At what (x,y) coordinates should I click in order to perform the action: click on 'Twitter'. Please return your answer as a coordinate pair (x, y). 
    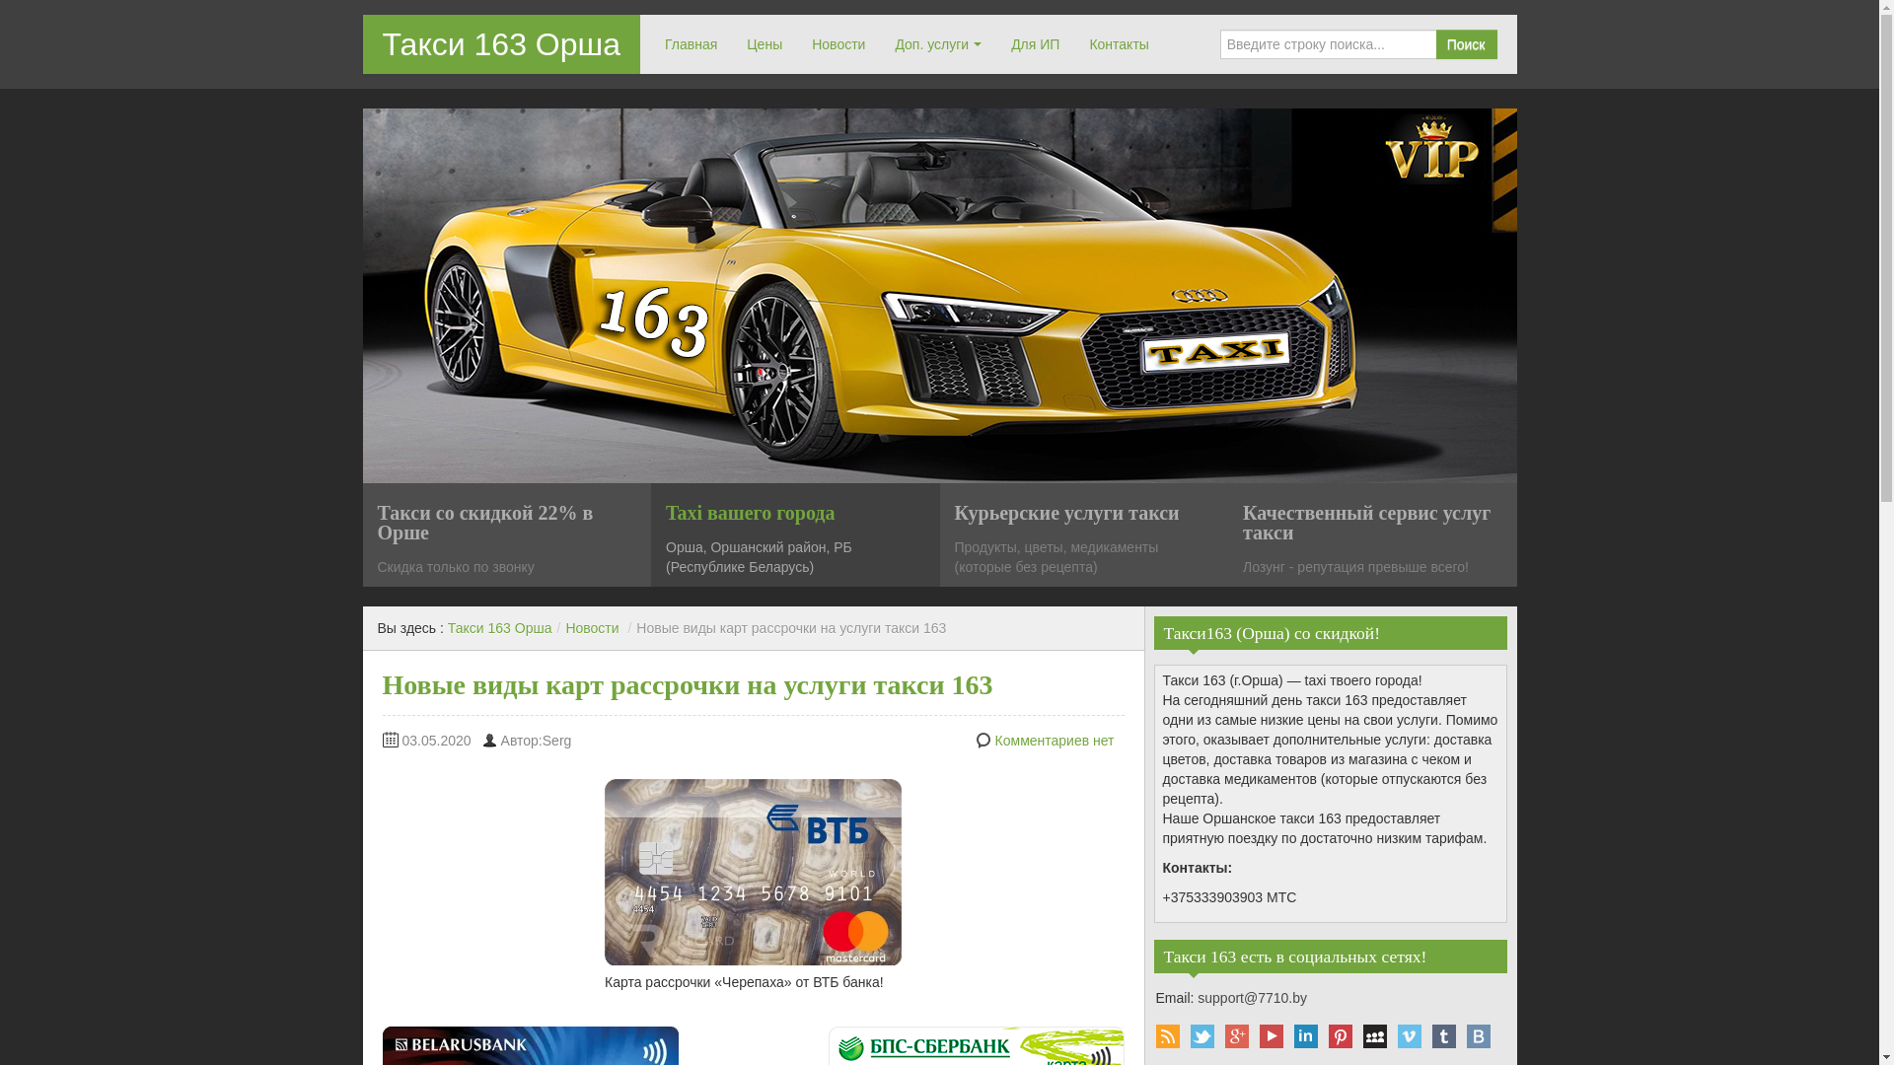
    Looking at the image, I should click on (1201, 1033).